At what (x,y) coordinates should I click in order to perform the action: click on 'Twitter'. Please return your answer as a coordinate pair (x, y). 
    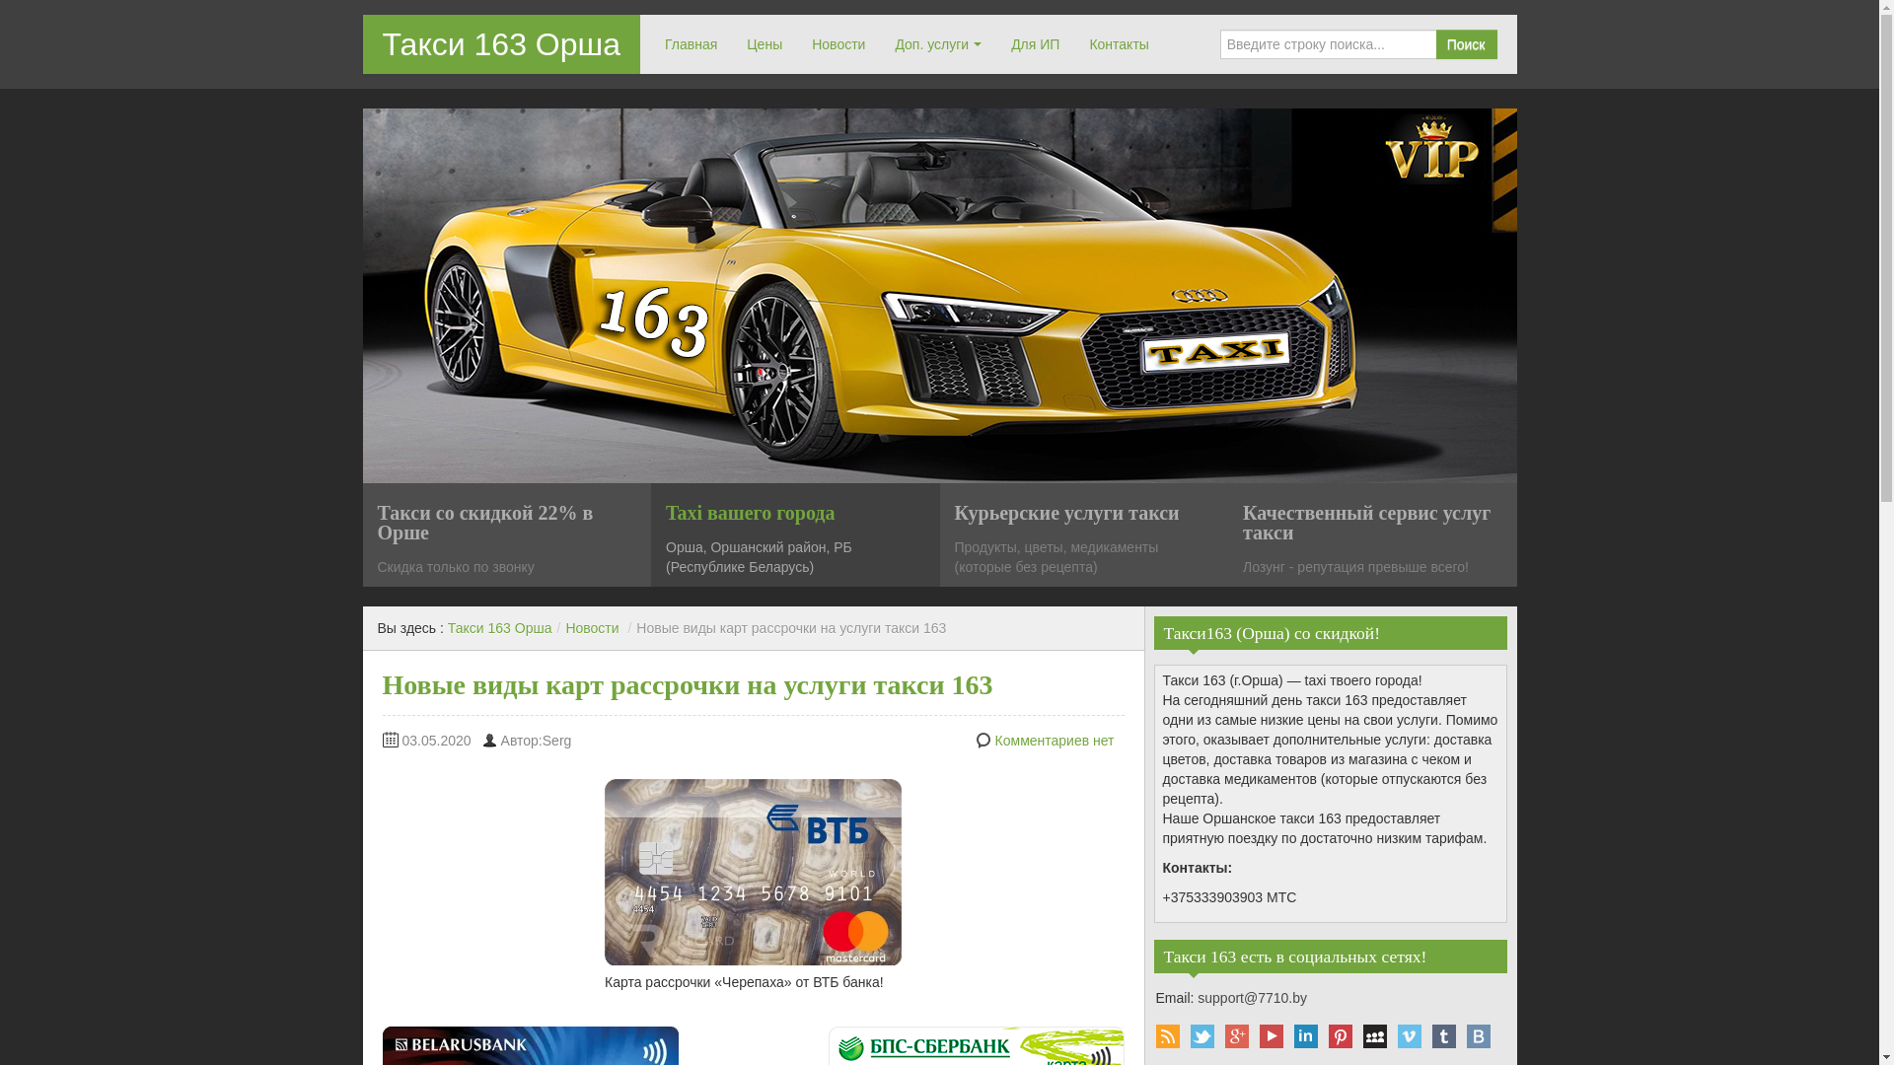
    Looking at the image, I should click on (1201, 1033).